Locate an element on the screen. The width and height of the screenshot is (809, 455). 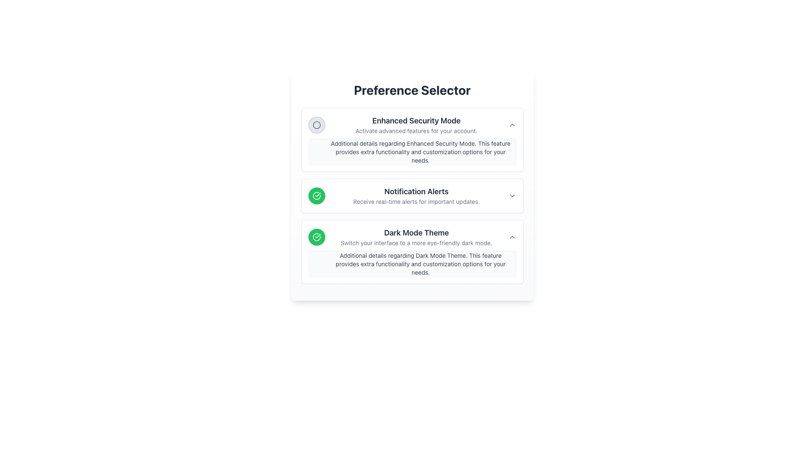
the text element that reads 'Activate advanced features for your account.' which is positioned directly below the heading 'Enhanced Security Mode.' is located at coordinates (416, 131).